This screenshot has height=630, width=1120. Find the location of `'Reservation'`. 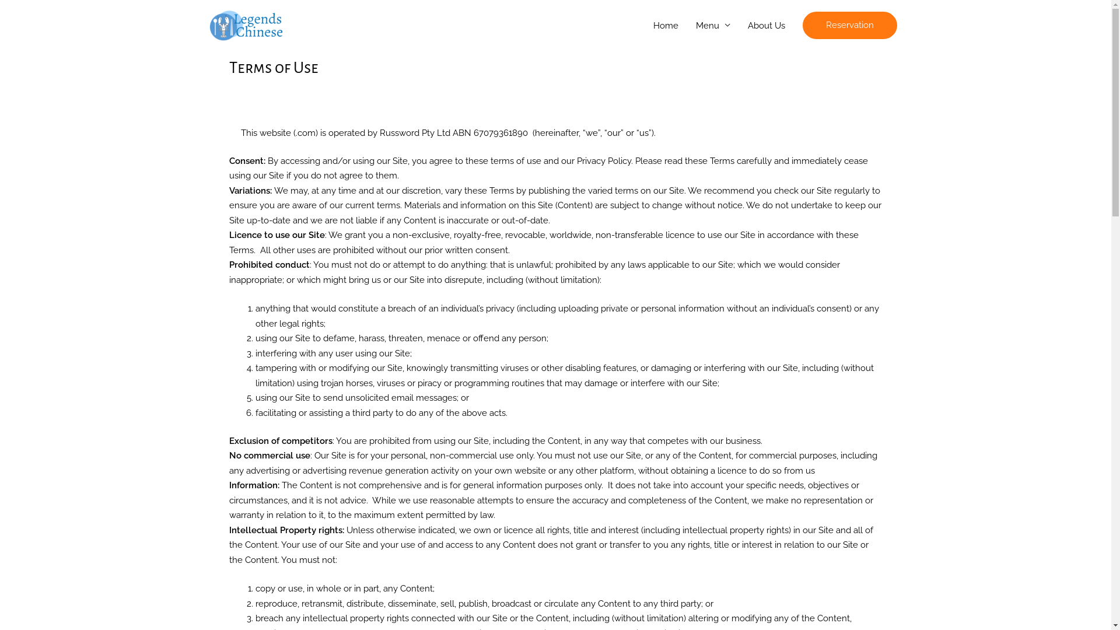

'Reservation' is located at coordinates (850, 25).